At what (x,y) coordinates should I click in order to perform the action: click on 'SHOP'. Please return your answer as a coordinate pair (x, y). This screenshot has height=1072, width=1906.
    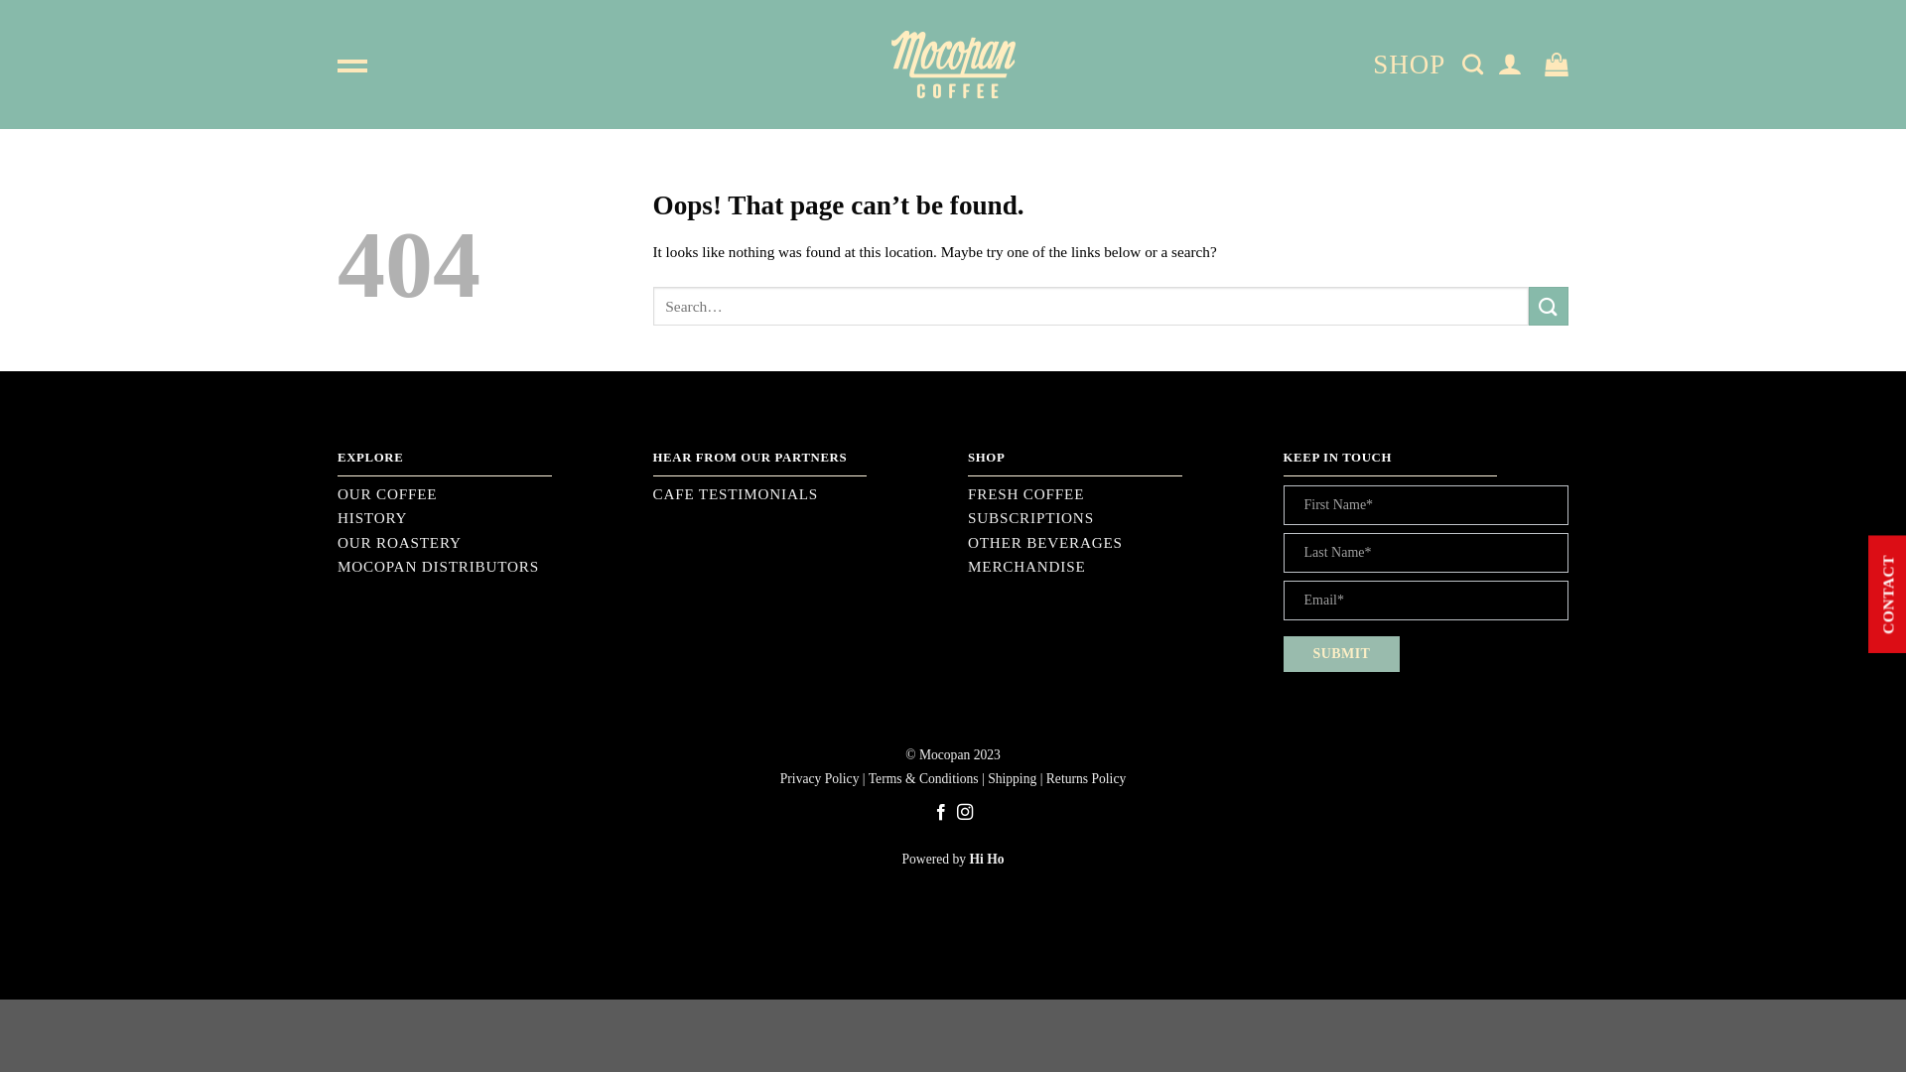
    Looking at the image, I should click on (1408, 64).